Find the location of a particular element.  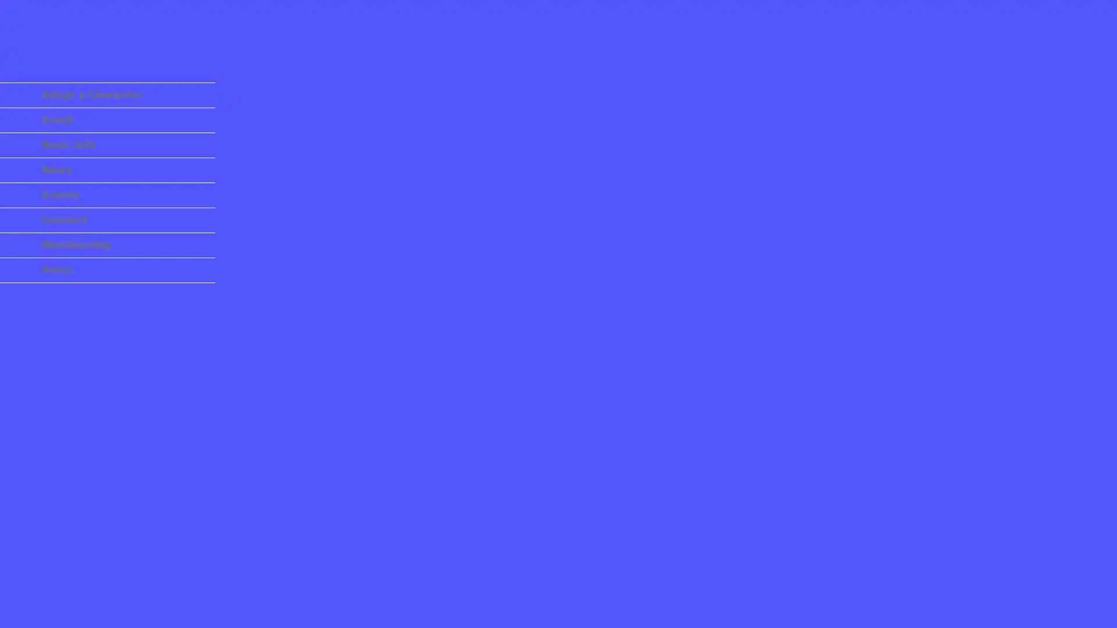

3 U+00B3 is located at coordinates (437, 131).